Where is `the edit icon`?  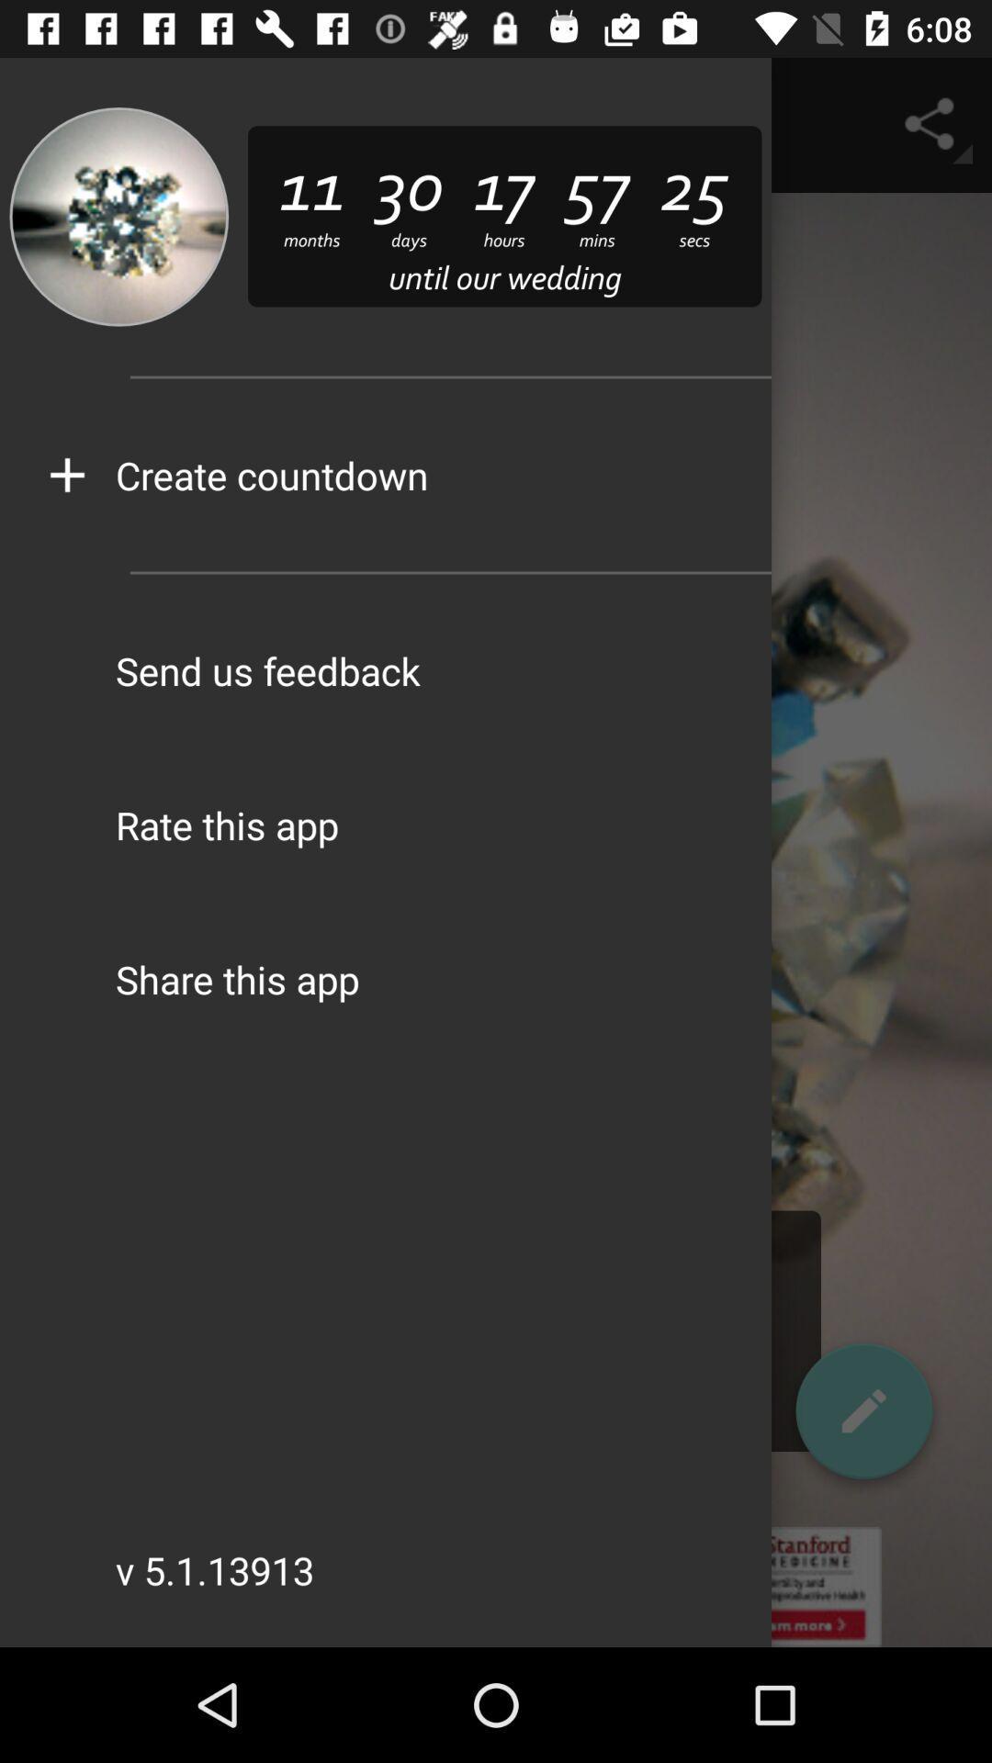
the edit icon is located at coordinates (863, 1417).